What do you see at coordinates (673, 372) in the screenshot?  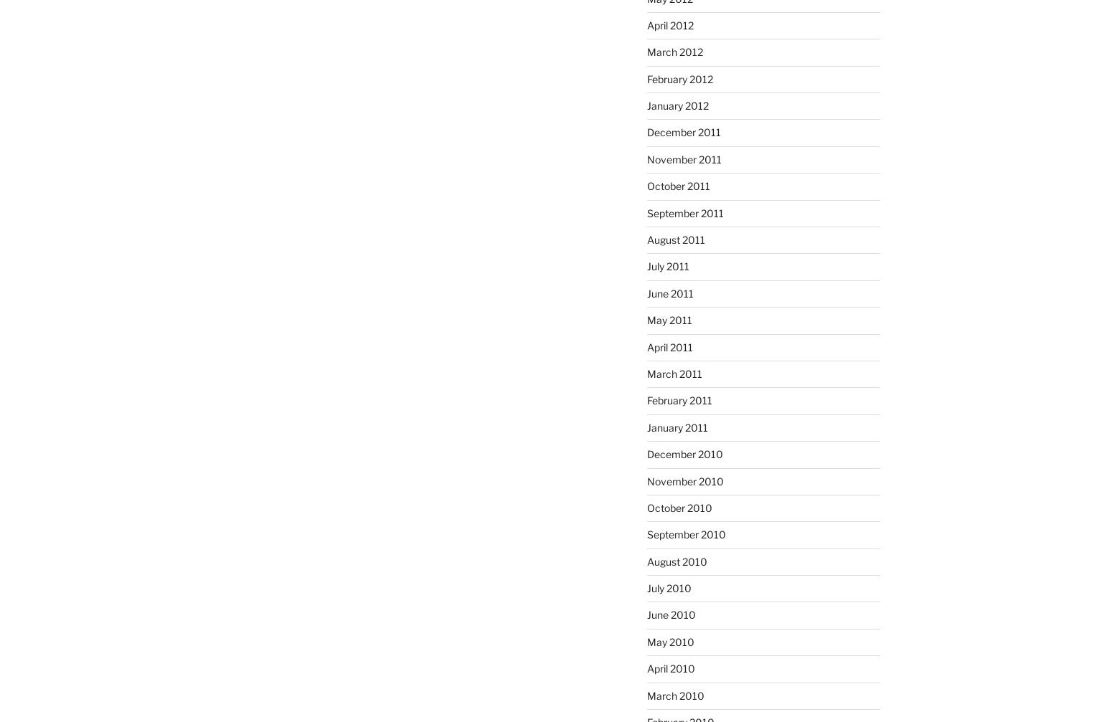 I see `'March 2011'` at bounding box center [673, 372].